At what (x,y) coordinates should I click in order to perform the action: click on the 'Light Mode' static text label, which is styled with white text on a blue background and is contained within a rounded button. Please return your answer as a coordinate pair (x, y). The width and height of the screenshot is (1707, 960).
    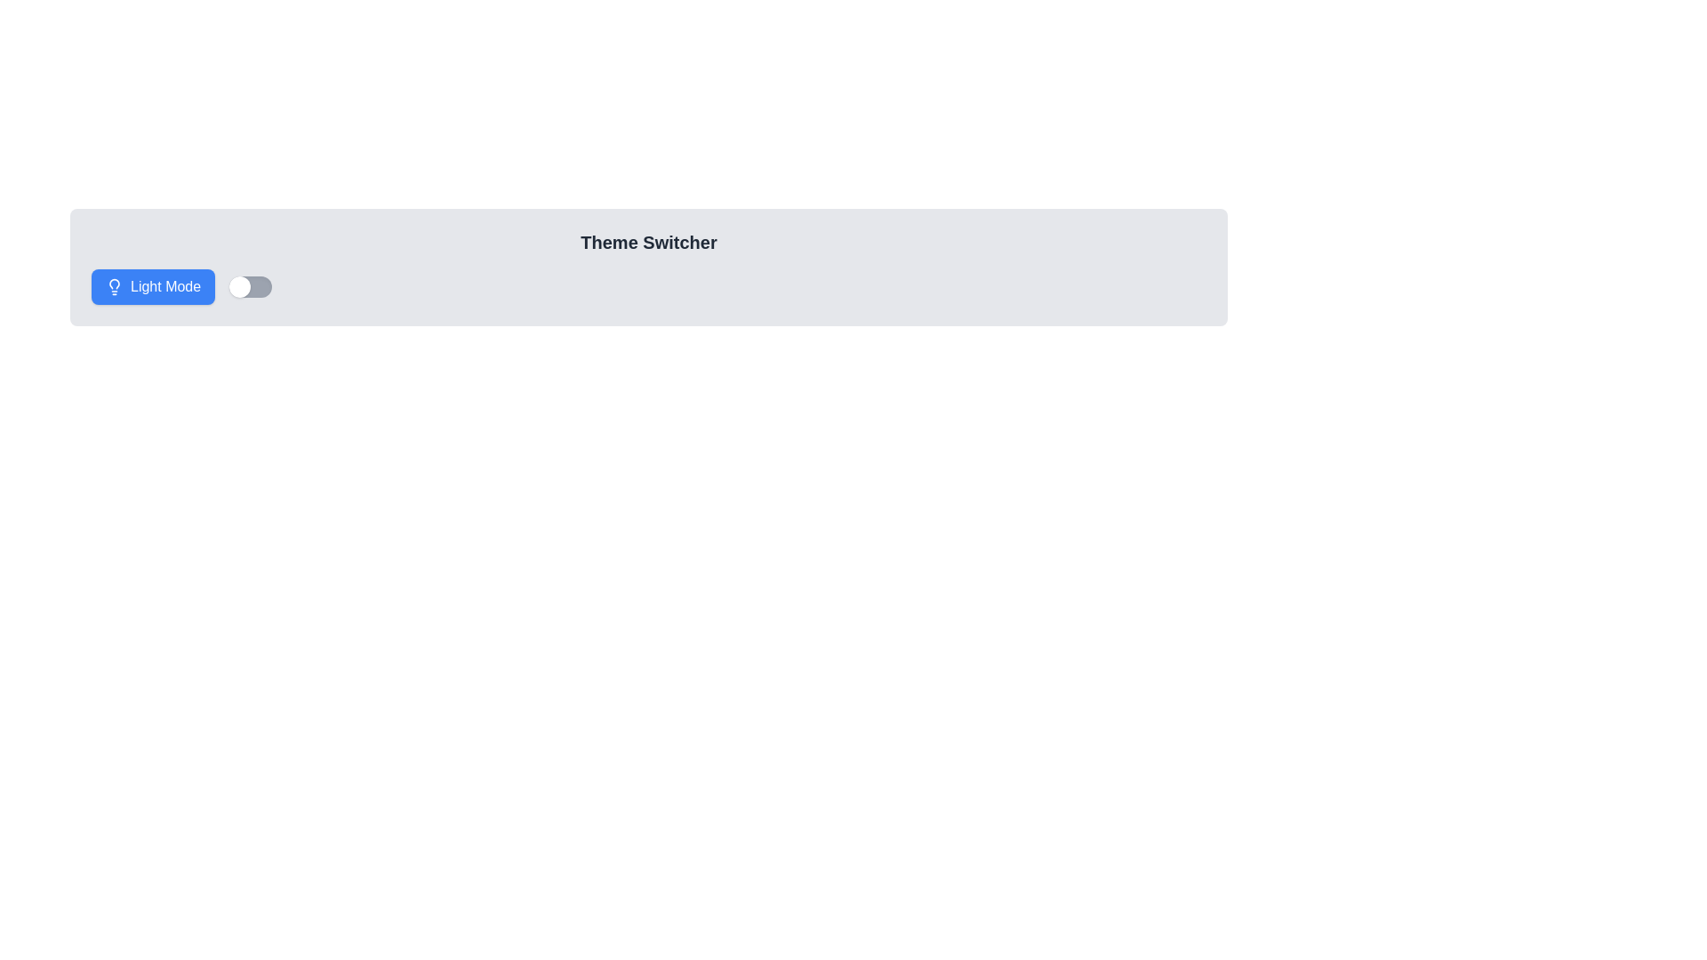
    Looking at the image, I should click on (165, 286).